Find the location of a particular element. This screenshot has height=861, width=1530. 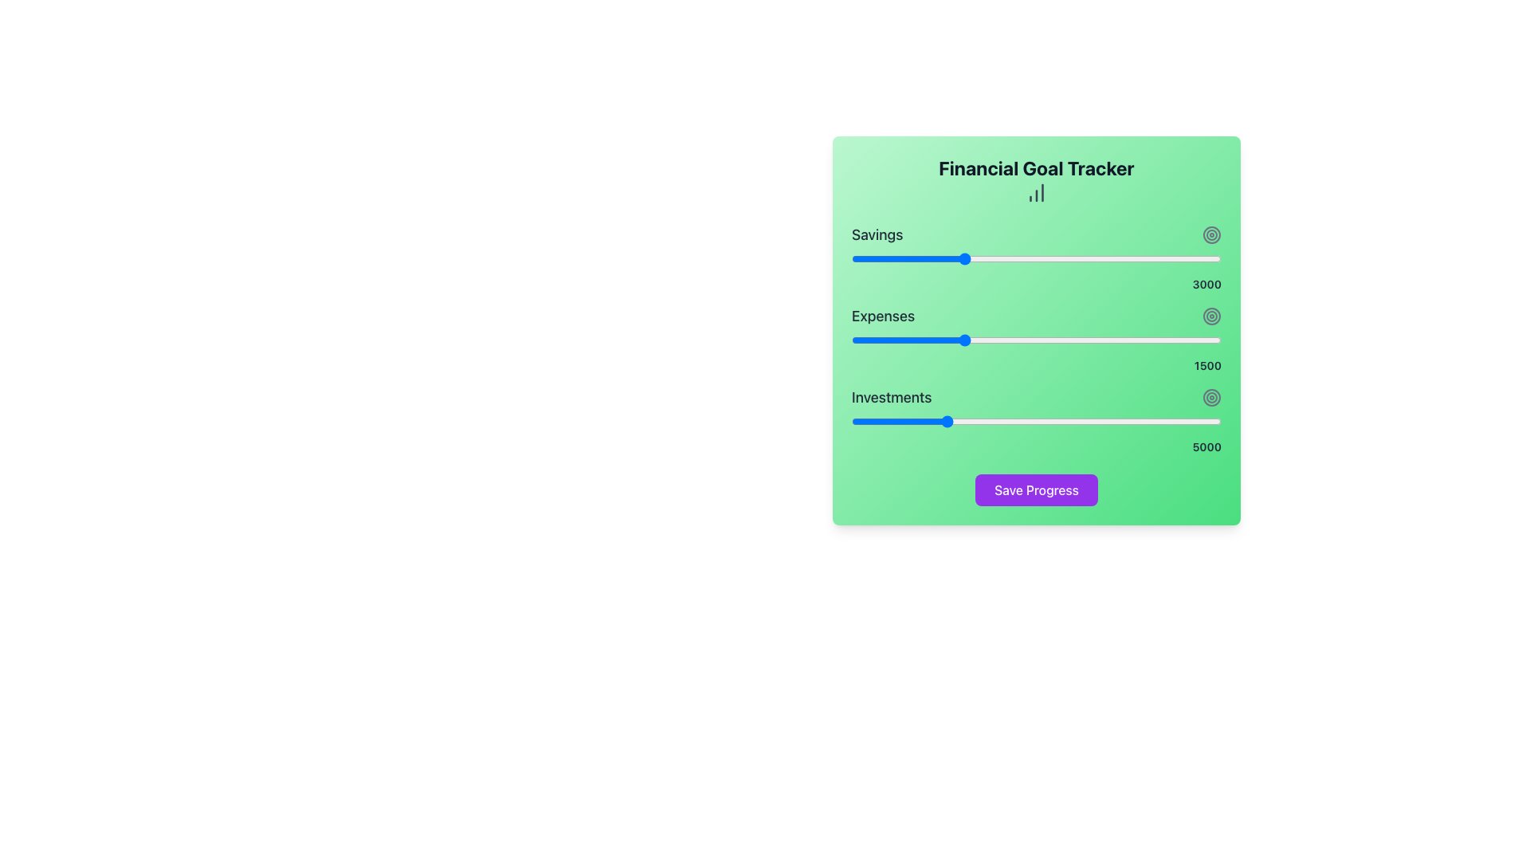

the 'Investments' slider is located at coordinates (920, 420).